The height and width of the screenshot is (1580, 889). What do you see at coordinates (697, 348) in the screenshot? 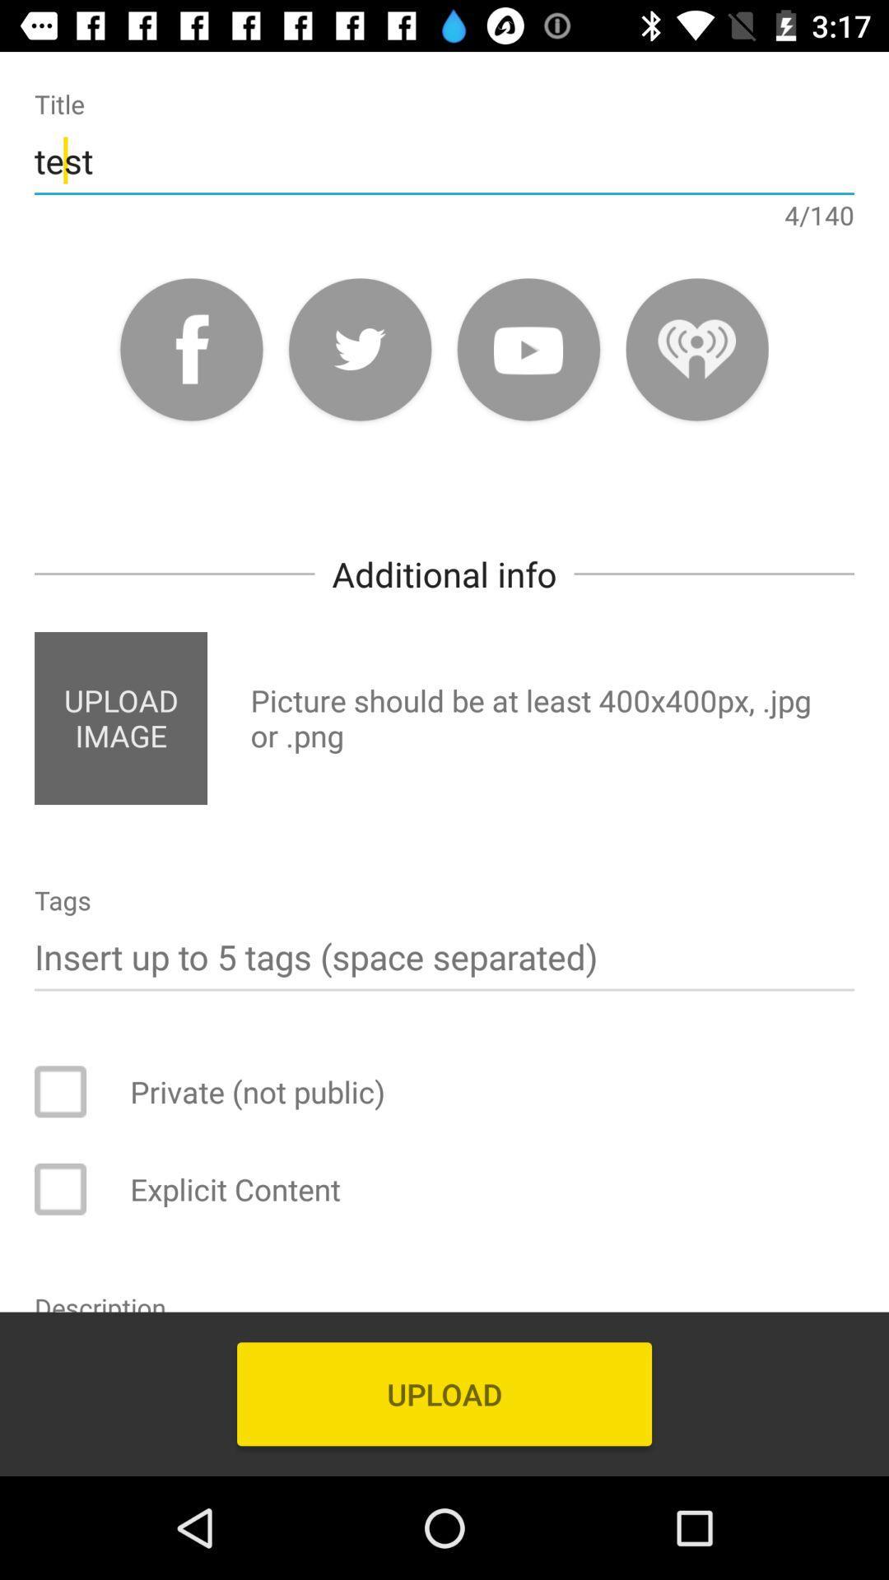
I see `i heart radio functions` at bounding box center [697, 348].